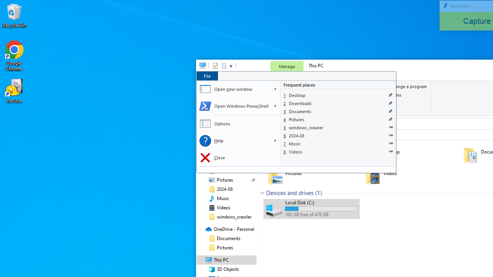 The height and width of the screenshot is (277, 493). What do you see at coordinates (338, 95) in the screenshot?
I see `'Desktop'` at bounding box center [338, 95].